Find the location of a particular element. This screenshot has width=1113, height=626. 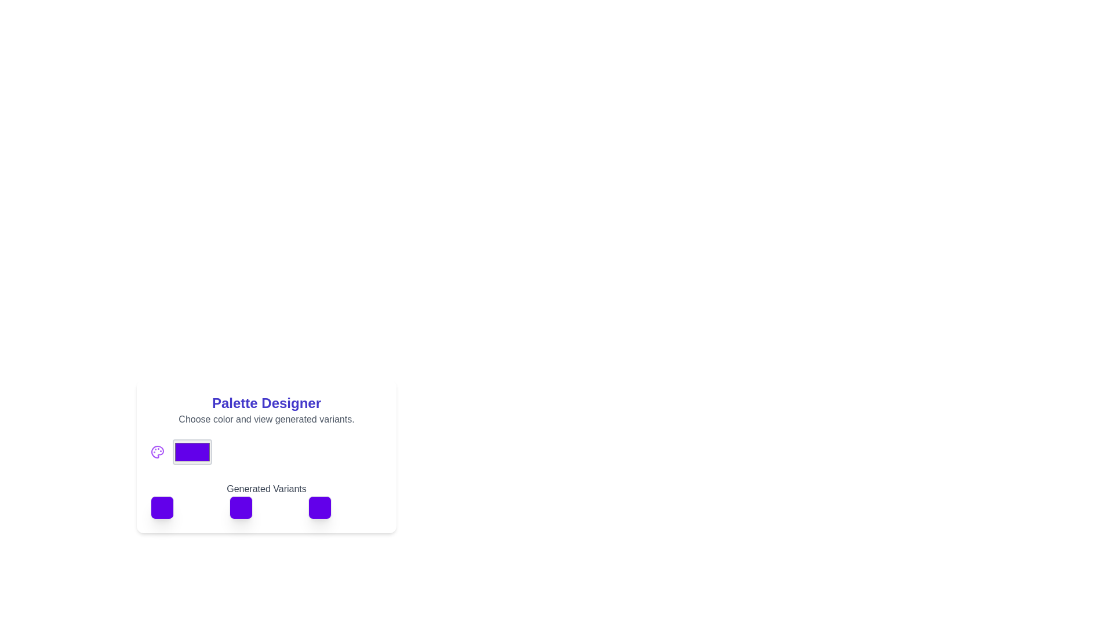

the text label that says 'Generated Variants', which is styled in gray and positioned above three purple square buttons is located at coordinates (266, 489).